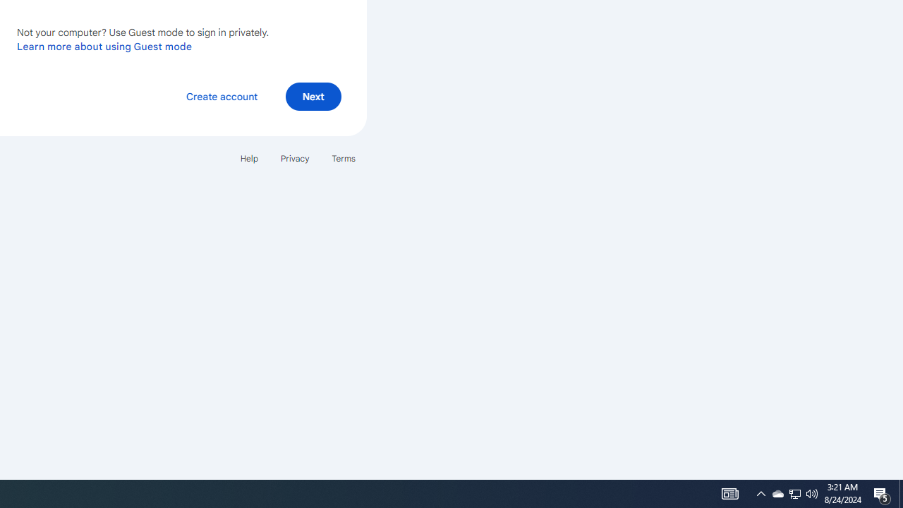 The height and width of the screenshot is (508, 903). What do you see at coordinates (221, 95) in the screenshot?
I see `'Create account'` at bounding box center [221, 95].